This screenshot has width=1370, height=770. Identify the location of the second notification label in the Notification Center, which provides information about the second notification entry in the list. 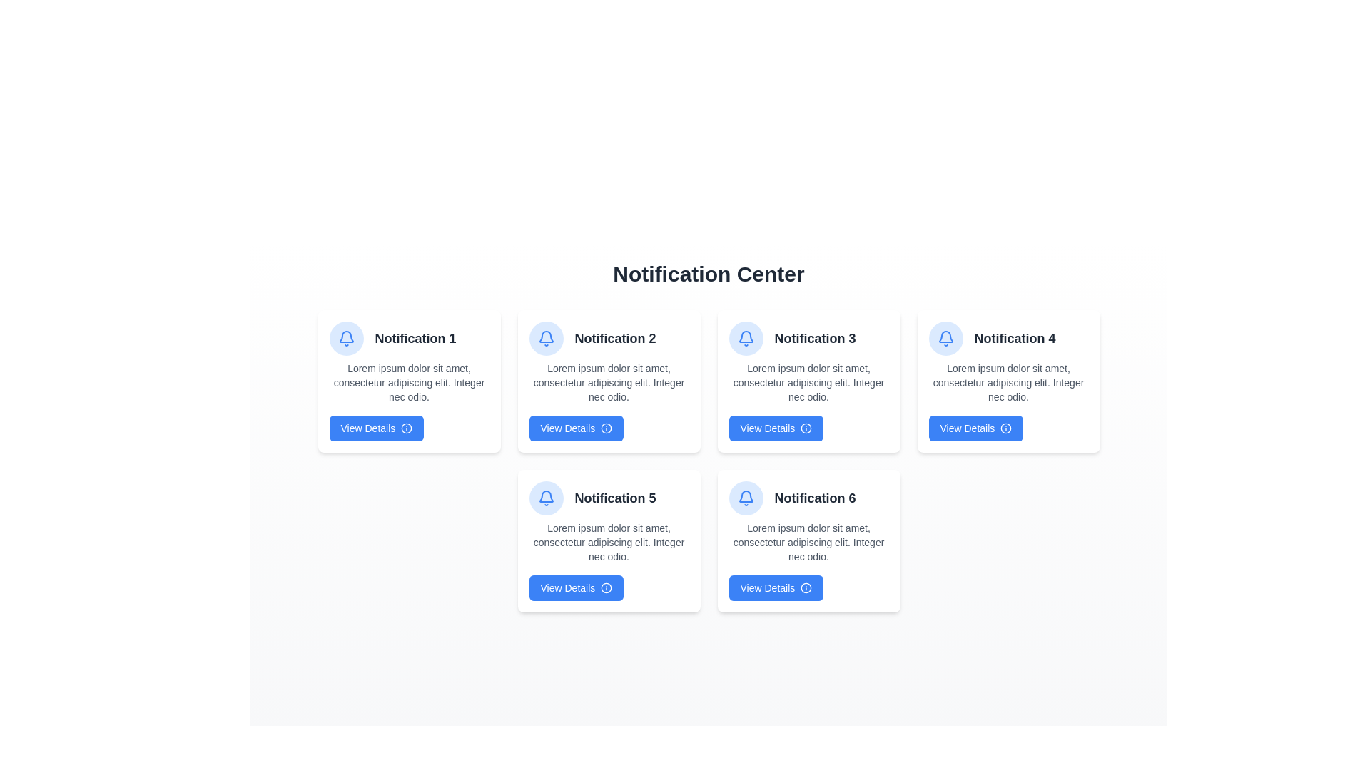
(615, 338).